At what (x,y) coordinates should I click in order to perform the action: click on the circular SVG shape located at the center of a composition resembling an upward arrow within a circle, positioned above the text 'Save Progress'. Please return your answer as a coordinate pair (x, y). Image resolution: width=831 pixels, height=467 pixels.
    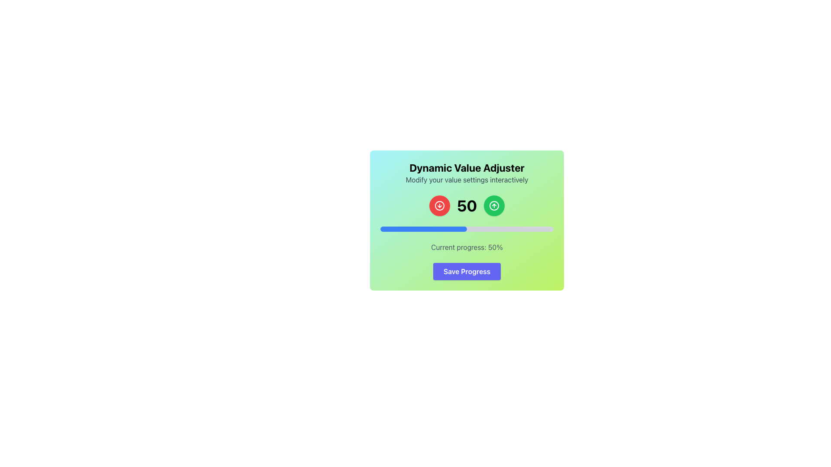
    Looking at the image, I should click on (494, 205).